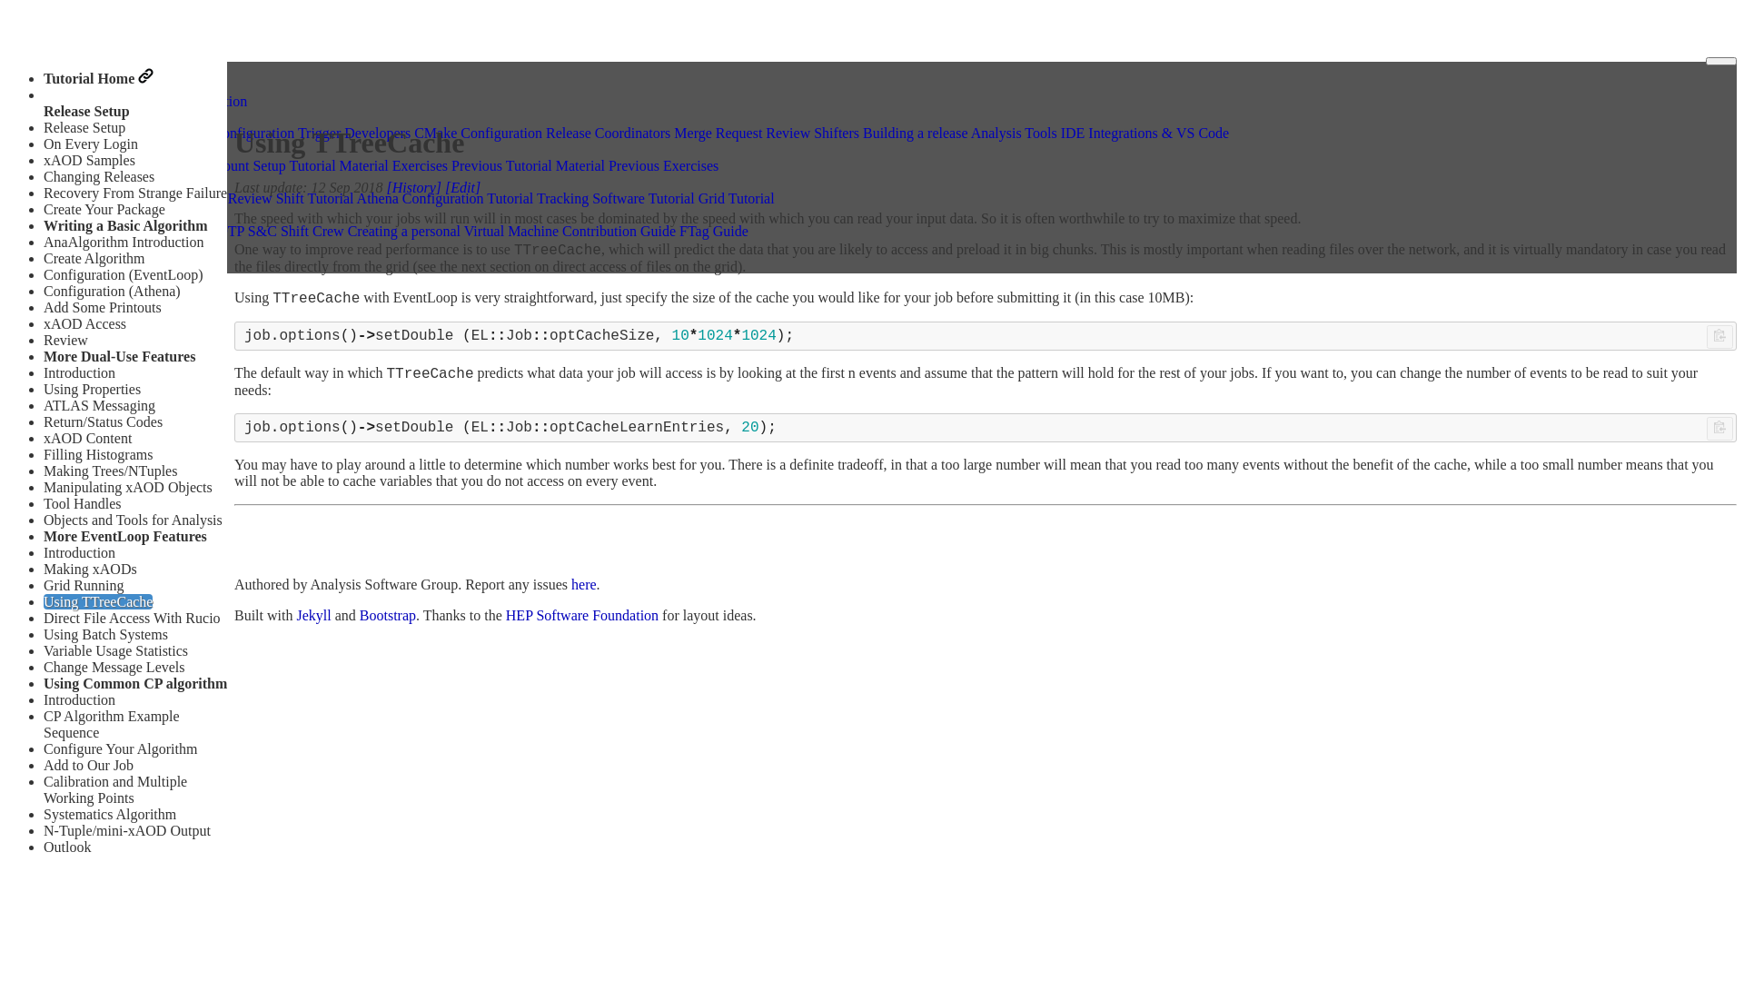  Describe the element at coordinates (95, 182) in the screenshot. I see `'Other Tutorials'` at that location.